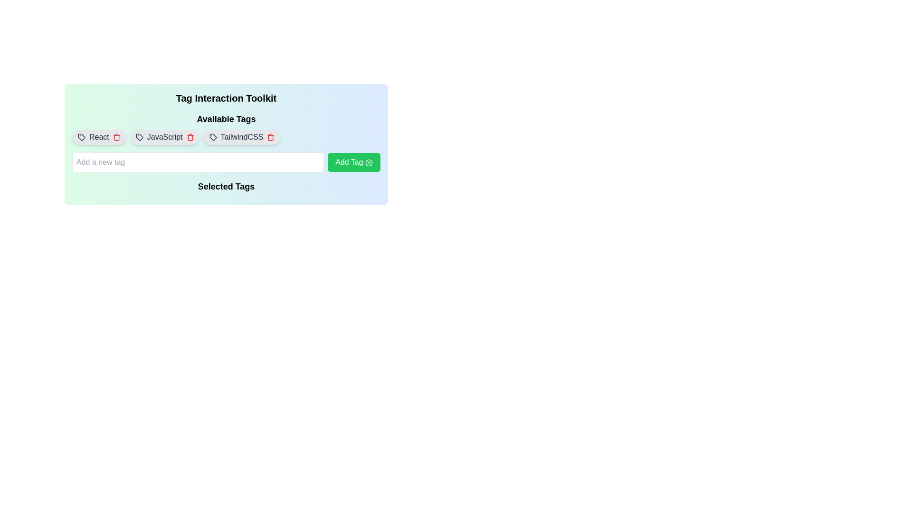 The width and height of the screenshot is (912, 513). What do you see at coordinates (82, 137) in the screenshot?
I see `the decorative icon in the 'Available Tags' section above the 'React' text, which is part of the tag button` at bounding box center [82, 137].